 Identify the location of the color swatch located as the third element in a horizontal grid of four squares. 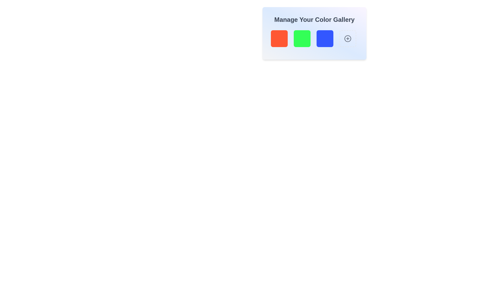
(325, 38).